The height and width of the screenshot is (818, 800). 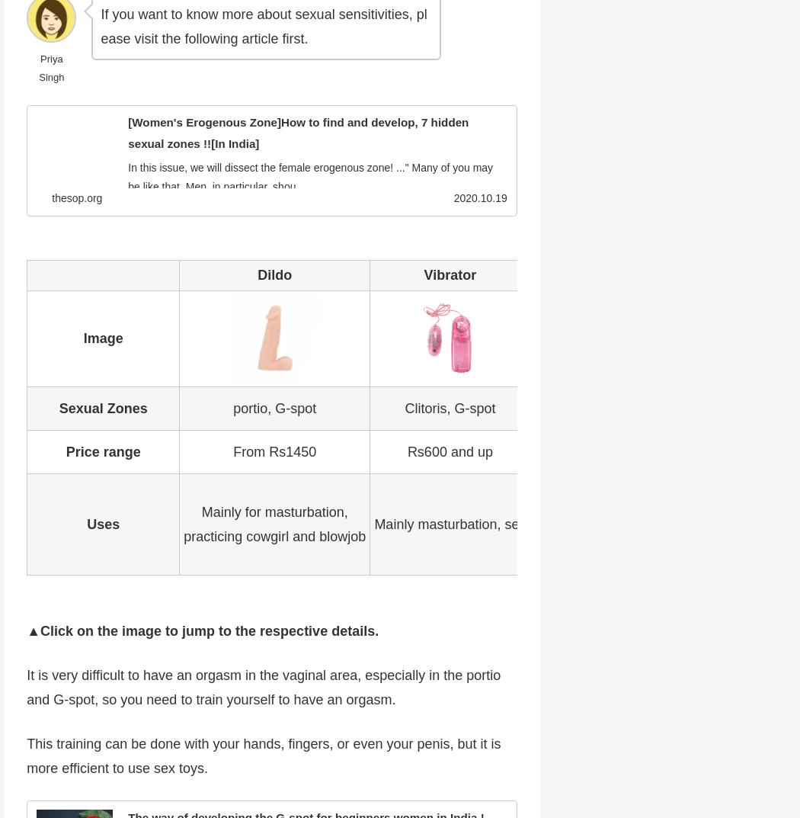 I want to click on 'thesop.org', so click(x=51, y=197).